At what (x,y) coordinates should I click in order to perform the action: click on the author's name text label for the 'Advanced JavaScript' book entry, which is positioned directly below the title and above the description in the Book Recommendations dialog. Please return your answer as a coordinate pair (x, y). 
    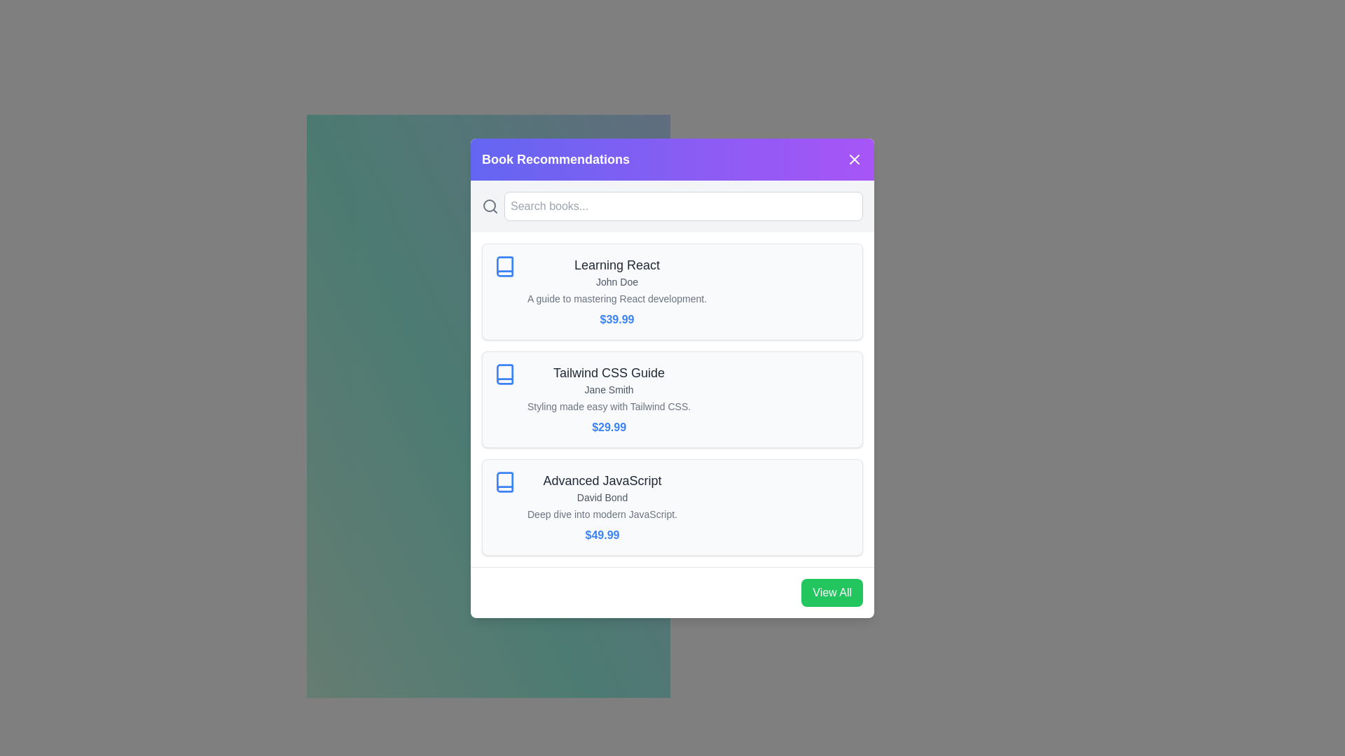
    Looking at the image, I should click on (602, 496).